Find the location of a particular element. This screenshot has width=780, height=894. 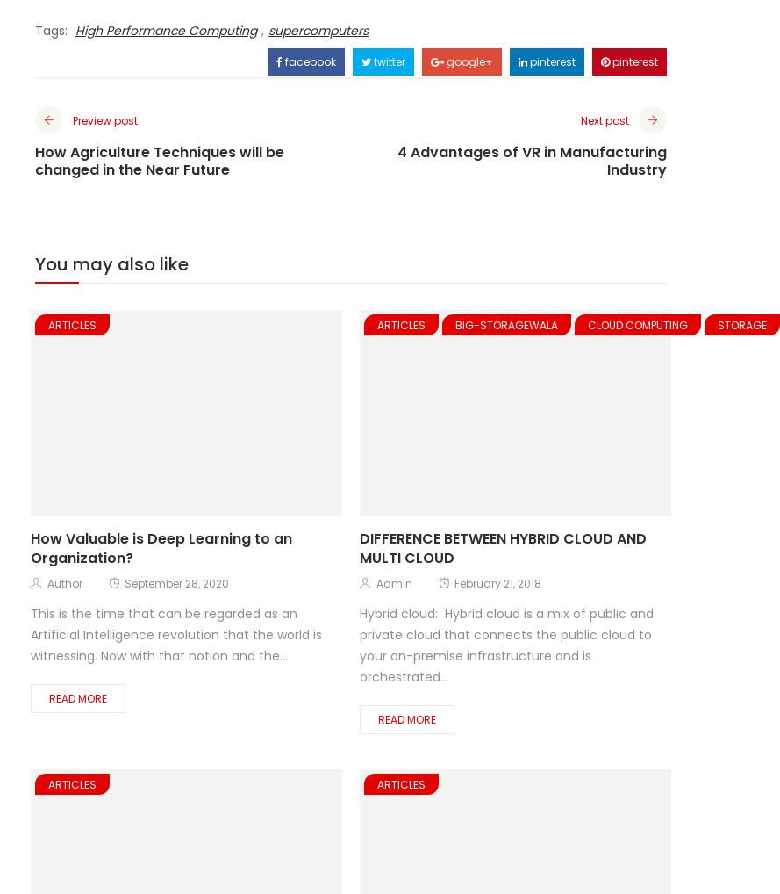

'How Agriculture Techniques will be changed in the Near Future' is located at coordinates (159, 160).